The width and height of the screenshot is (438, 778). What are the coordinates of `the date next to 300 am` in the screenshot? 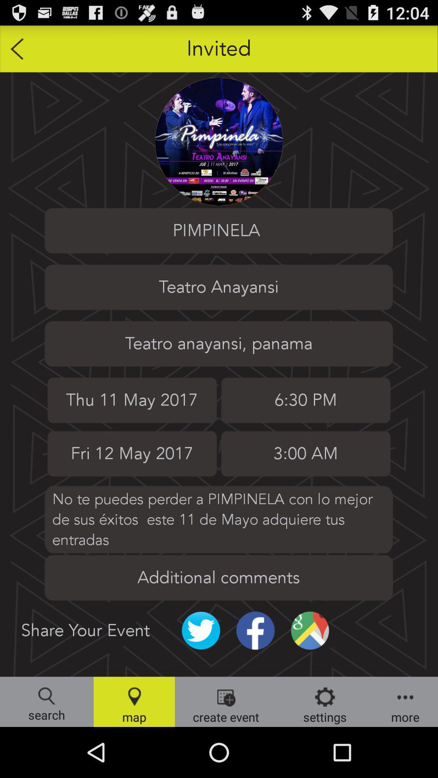 It's located at (132, 454).